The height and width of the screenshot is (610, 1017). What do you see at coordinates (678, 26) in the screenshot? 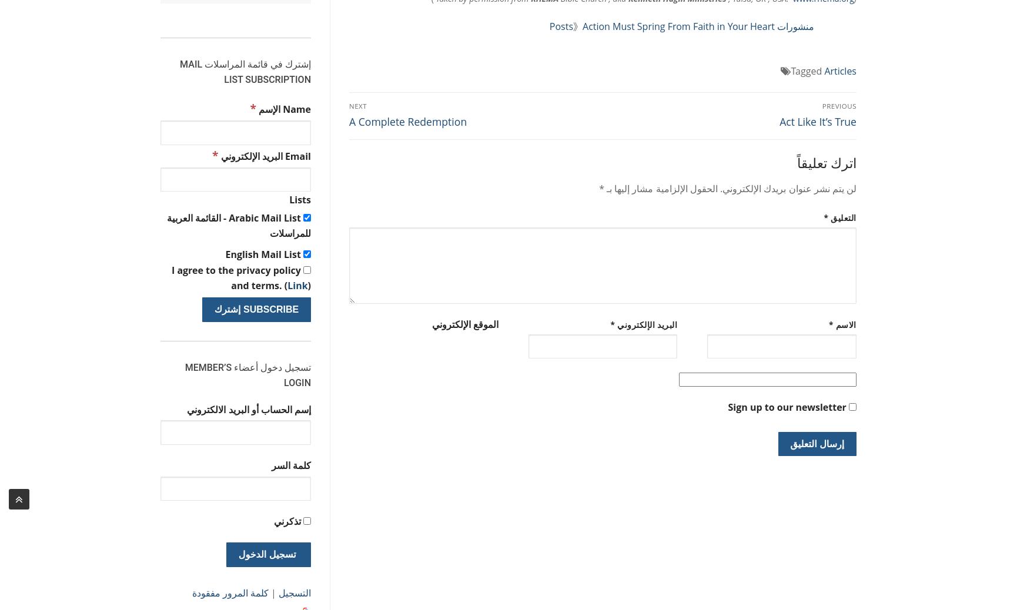
I see `'Action Must Spring From Faith in Your Heart'` at bounding box center [678, 26].